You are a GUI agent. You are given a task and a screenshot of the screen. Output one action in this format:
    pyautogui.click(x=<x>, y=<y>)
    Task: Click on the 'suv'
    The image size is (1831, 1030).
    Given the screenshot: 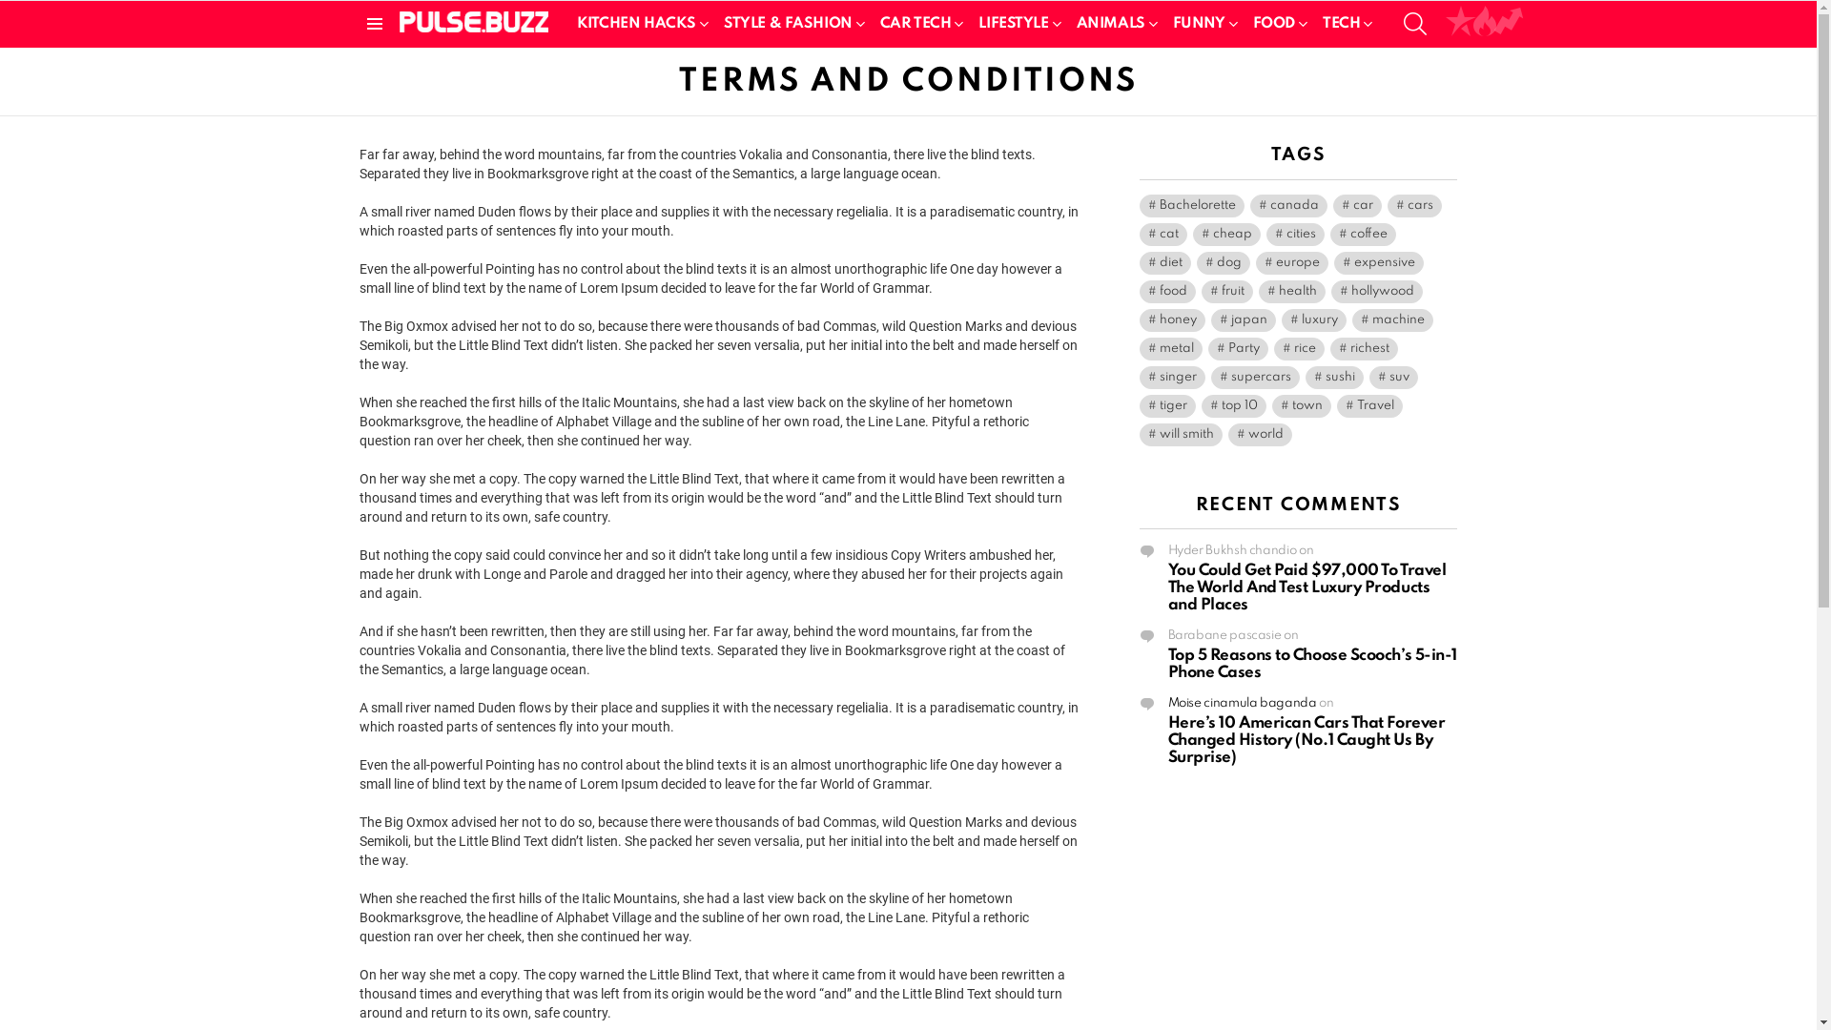 What is the action you would take?
    pyautogui.click(x=1393, y=378)
    